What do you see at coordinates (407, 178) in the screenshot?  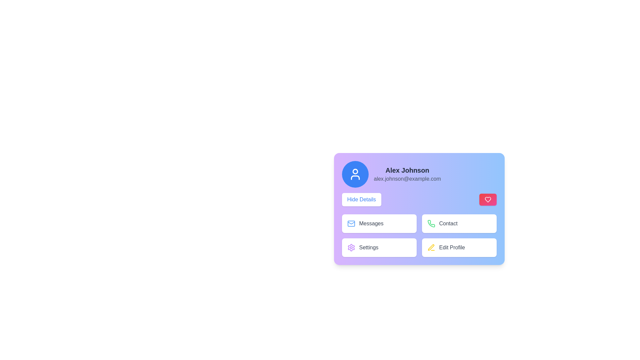 I see `the static text element displaying the email address associated with user 'Alex Johnson', located beneath the text 'Alex Johnson' in the upper left part of the card interface` at bounding box center [407, 178].